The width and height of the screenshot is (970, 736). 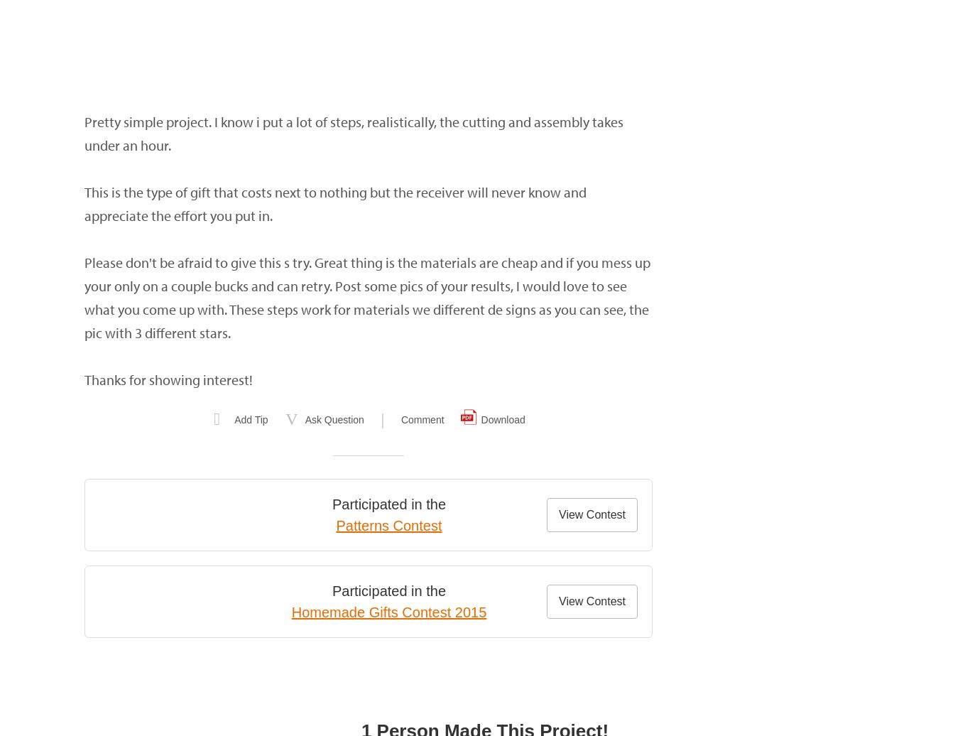 What do you see at coordinates (250, 420) in the screenshot?
I see `'Add Tip'` at bounding box center [250, 420].